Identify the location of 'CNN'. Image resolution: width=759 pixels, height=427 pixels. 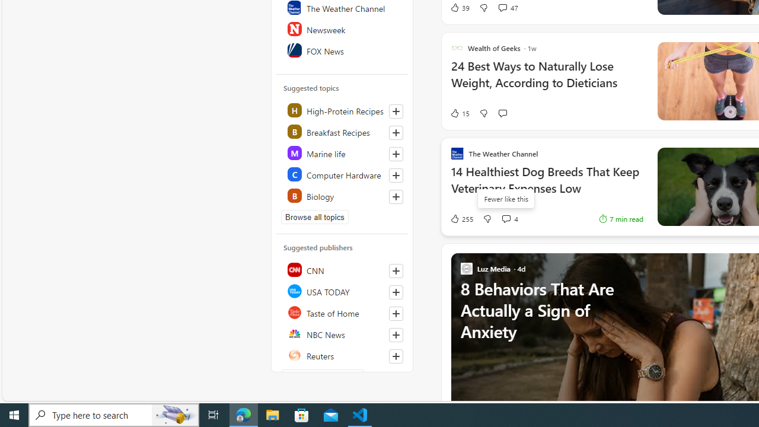
(342, 270).